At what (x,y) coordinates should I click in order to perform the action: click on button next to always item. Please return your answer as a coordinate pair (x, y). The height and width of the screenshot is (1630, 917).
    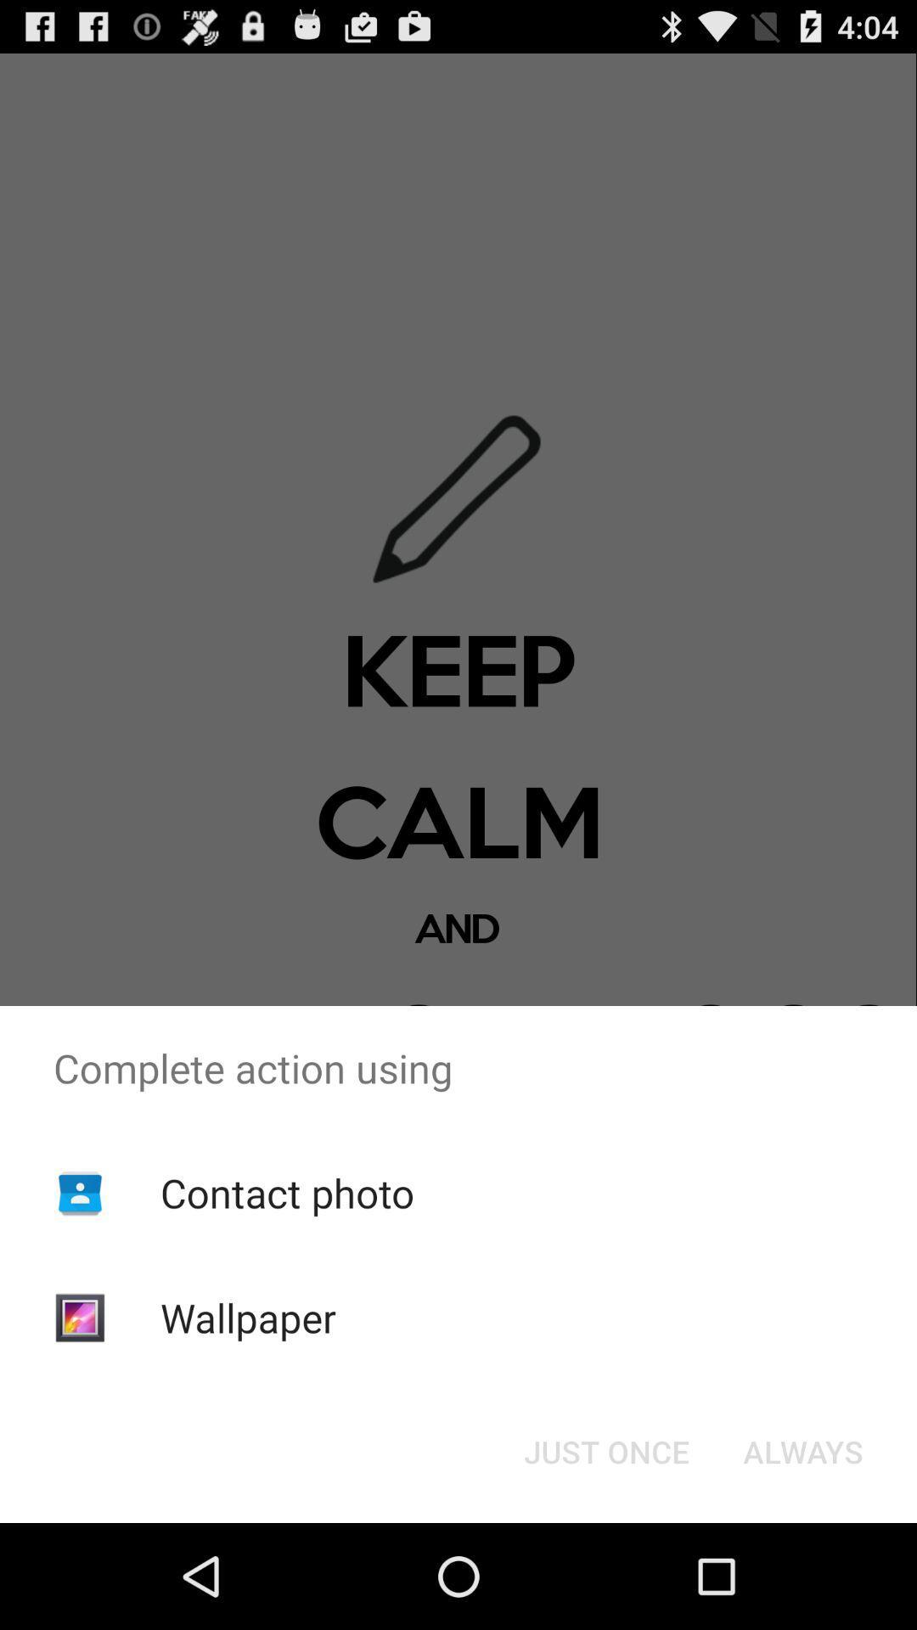
    Looking at the image, I should click on (605, 1450).